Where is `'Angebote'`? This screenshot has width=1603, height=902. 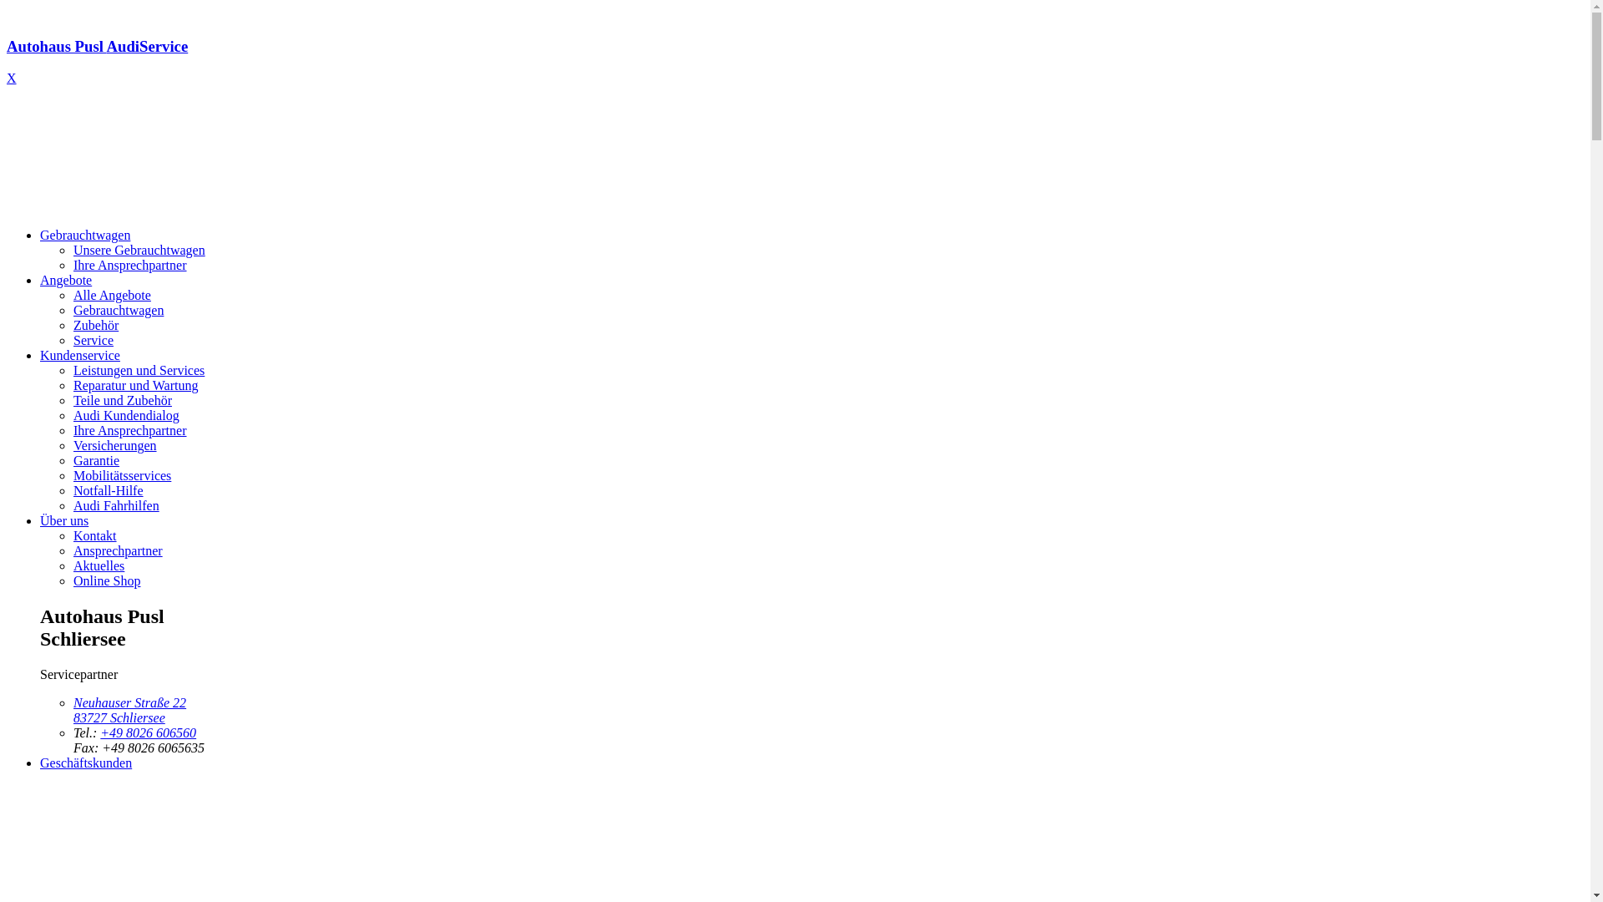
'Angebote' is located at coordinates (65, 279).